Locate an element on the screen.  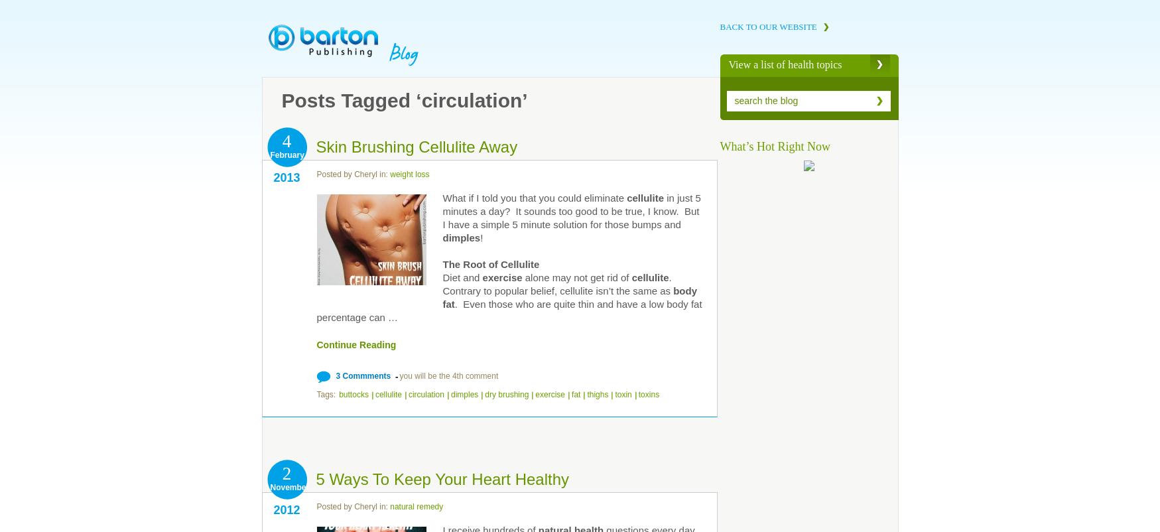
'weight loss' is located at coordinates (409, 174).